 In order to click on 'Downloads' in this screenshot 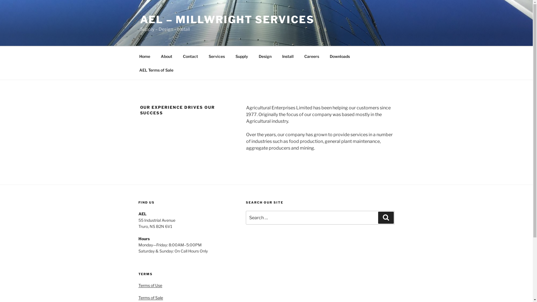, I will do `click(340, 56)`.